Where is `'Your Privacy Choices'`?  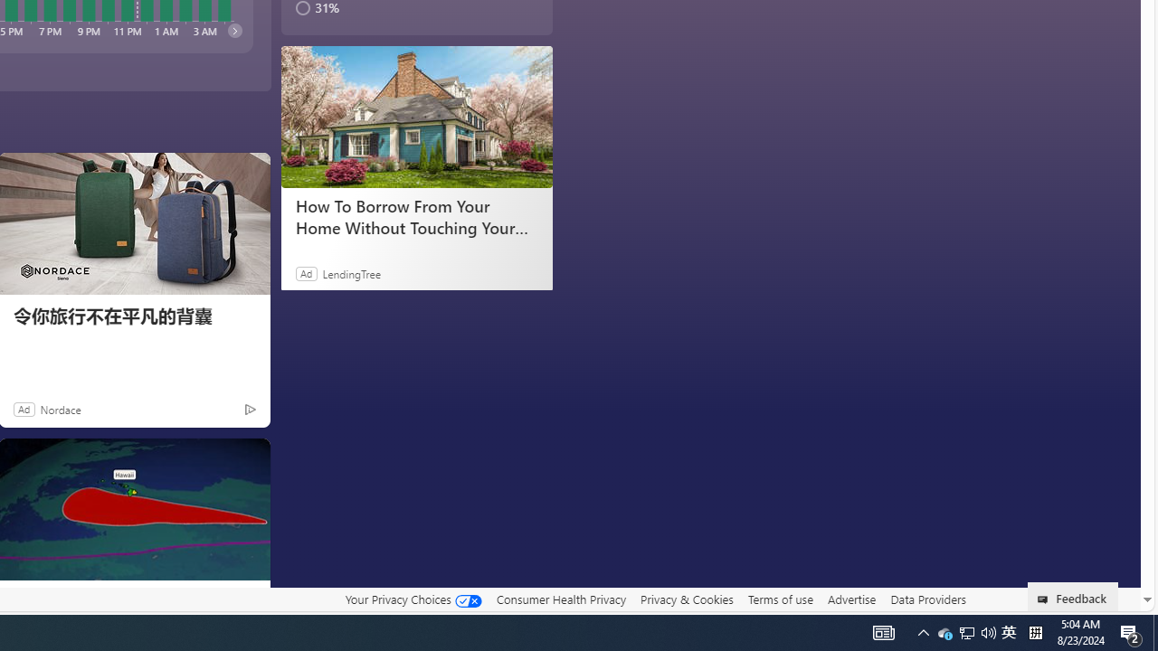
'Your Privacy Choices' is located at coordinates (412, 599).